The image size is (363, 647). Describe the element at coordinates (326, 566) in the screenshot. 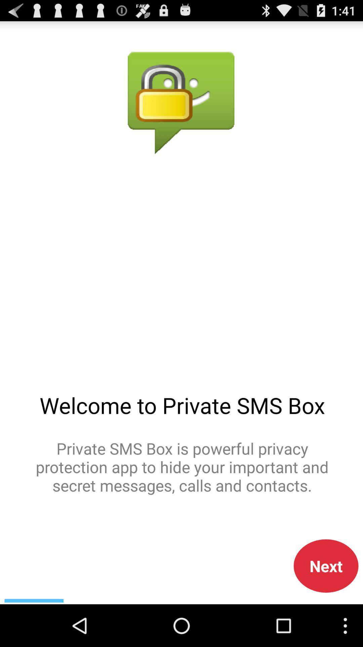

I see `next button` at that location.